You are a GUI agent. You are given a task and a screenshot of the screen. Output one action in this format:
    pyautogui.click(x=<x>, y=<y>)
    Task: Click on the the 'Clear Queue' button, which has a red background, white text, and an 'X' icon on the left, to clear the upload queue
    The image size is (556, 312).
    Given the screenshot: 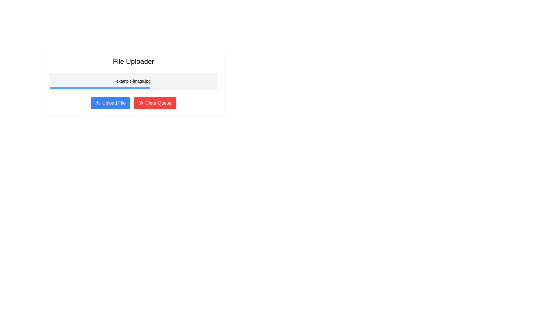 What is the action you would take?
    pyautogui.click(x=155, y=103)
    